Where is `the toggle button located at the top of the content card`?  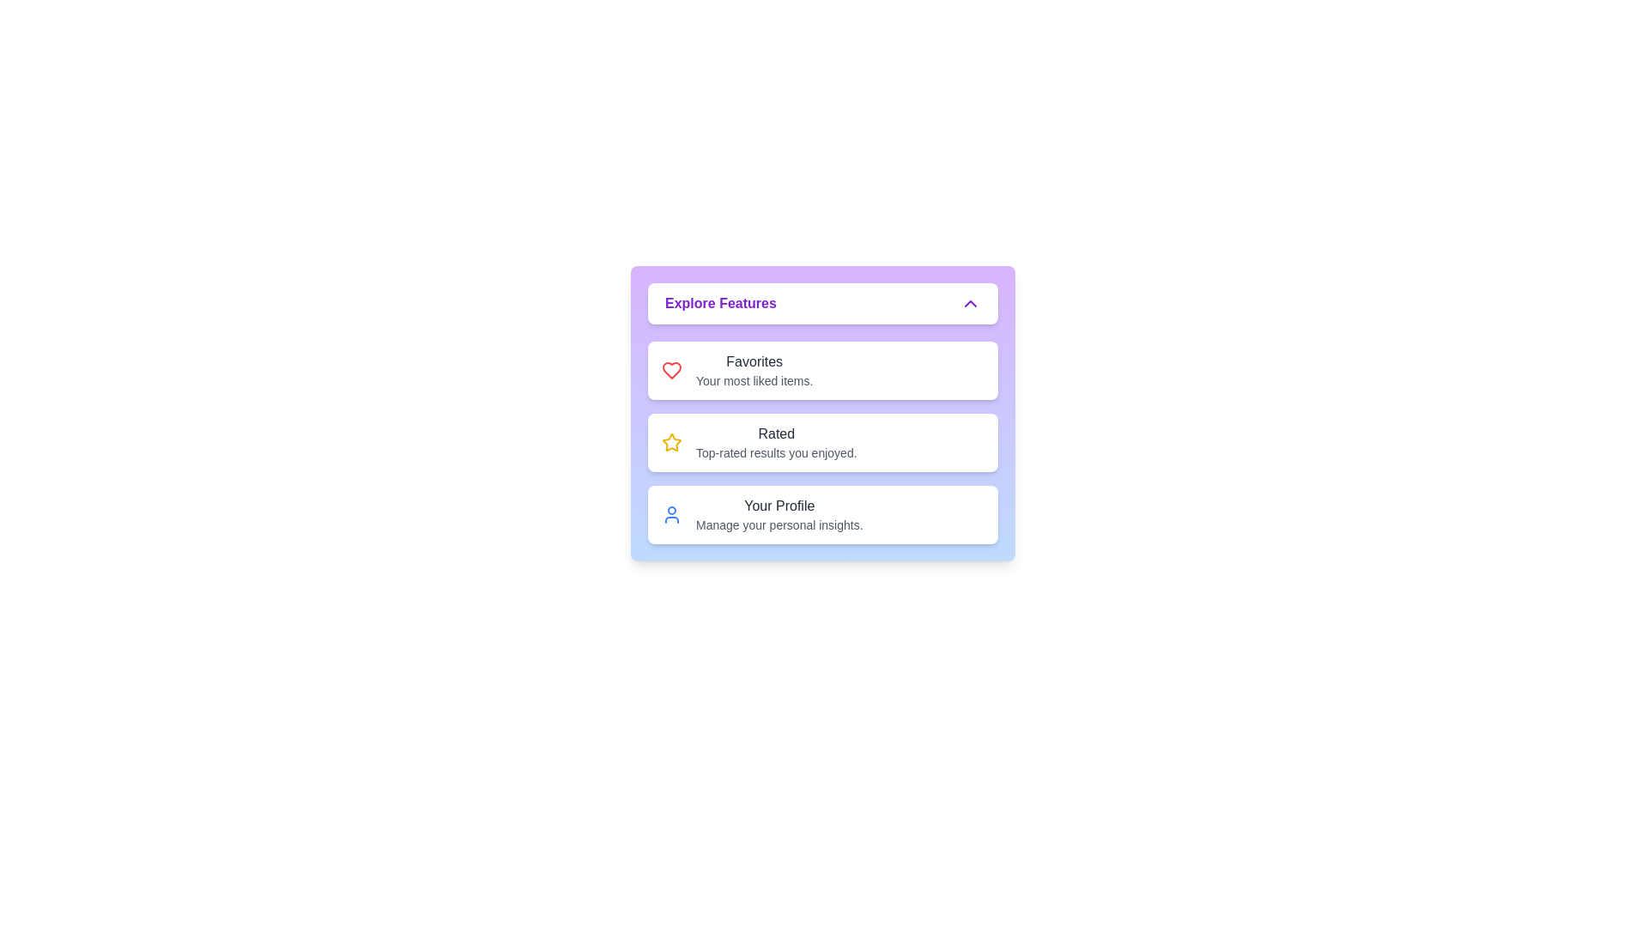 the toggle button located at the top of the content card is located at coordinates (822, 303).